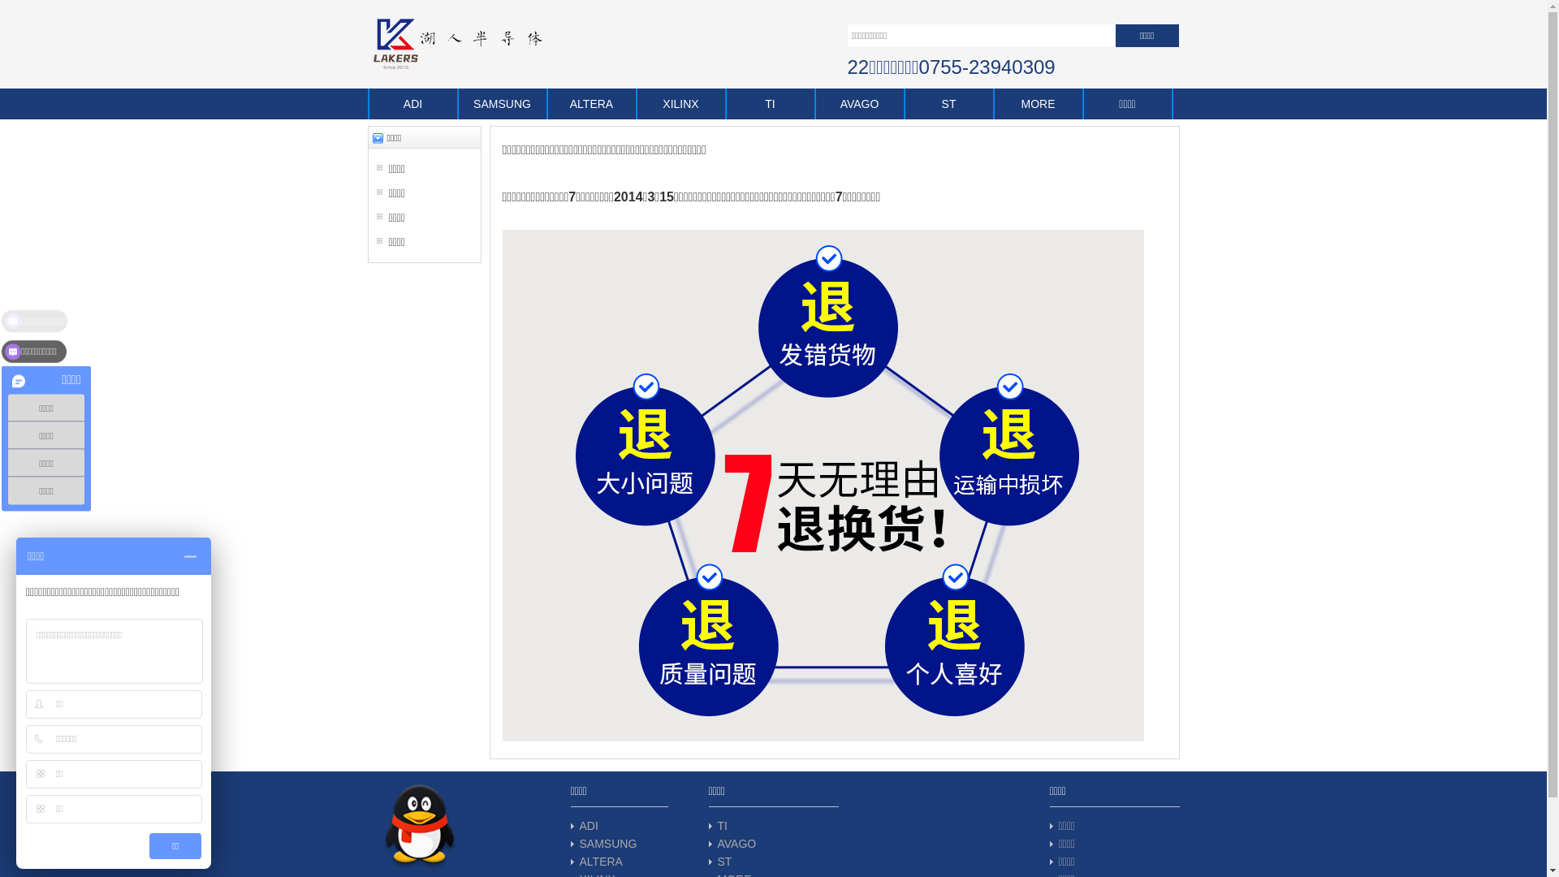 The width and height of the screenshot is (1559, 877). What do you see at coordinates (412, 103) in the screenshot?
I see `'ADI'` at bounding box center [412, 103].